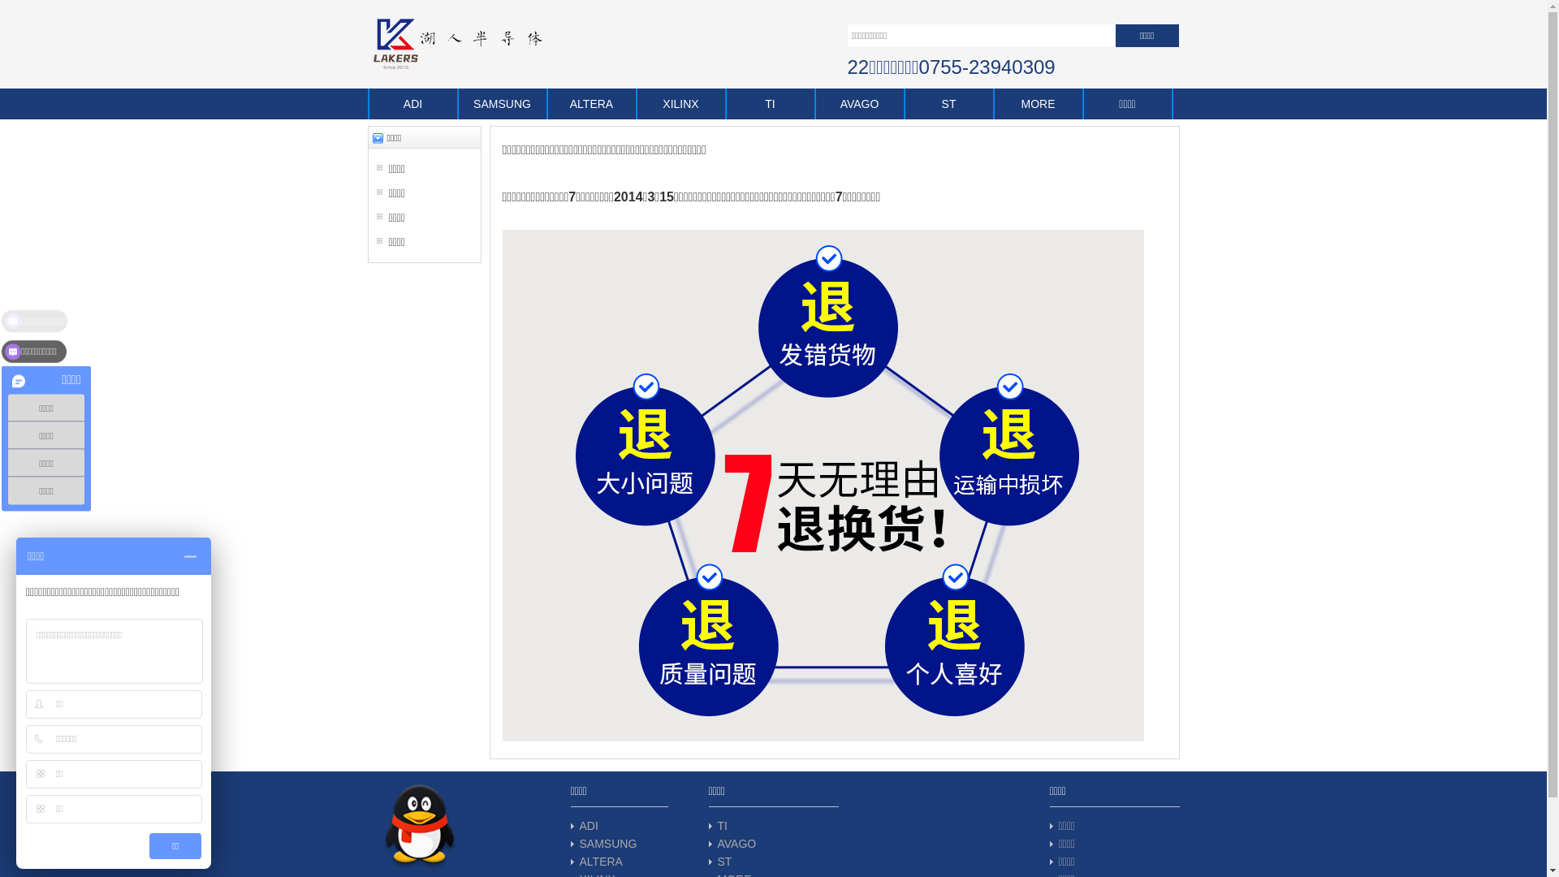 The width and height of the screenshot is (1559, 877). What do you see at coordinates (412, 103) in the screenshot?
I see `'ADI'` at bounding box center [412, 103].